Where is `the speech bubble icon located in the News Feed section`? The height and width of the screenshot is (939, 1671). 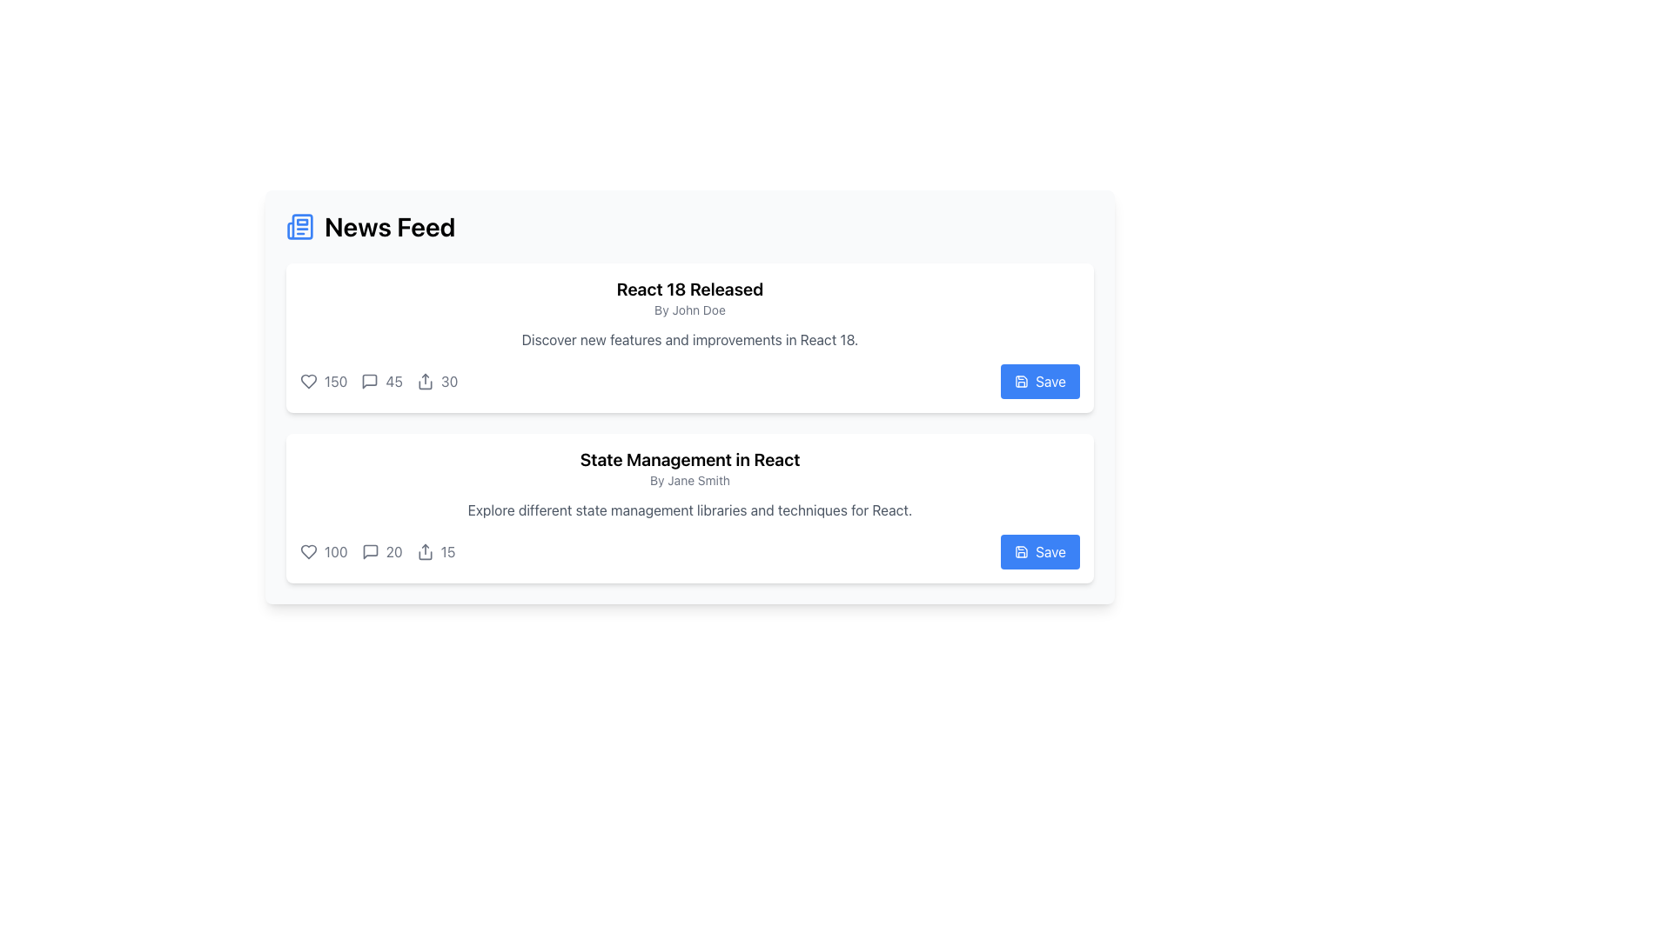
the speech bubble icon located in the News Feed section is located at coordinates (369, 381).